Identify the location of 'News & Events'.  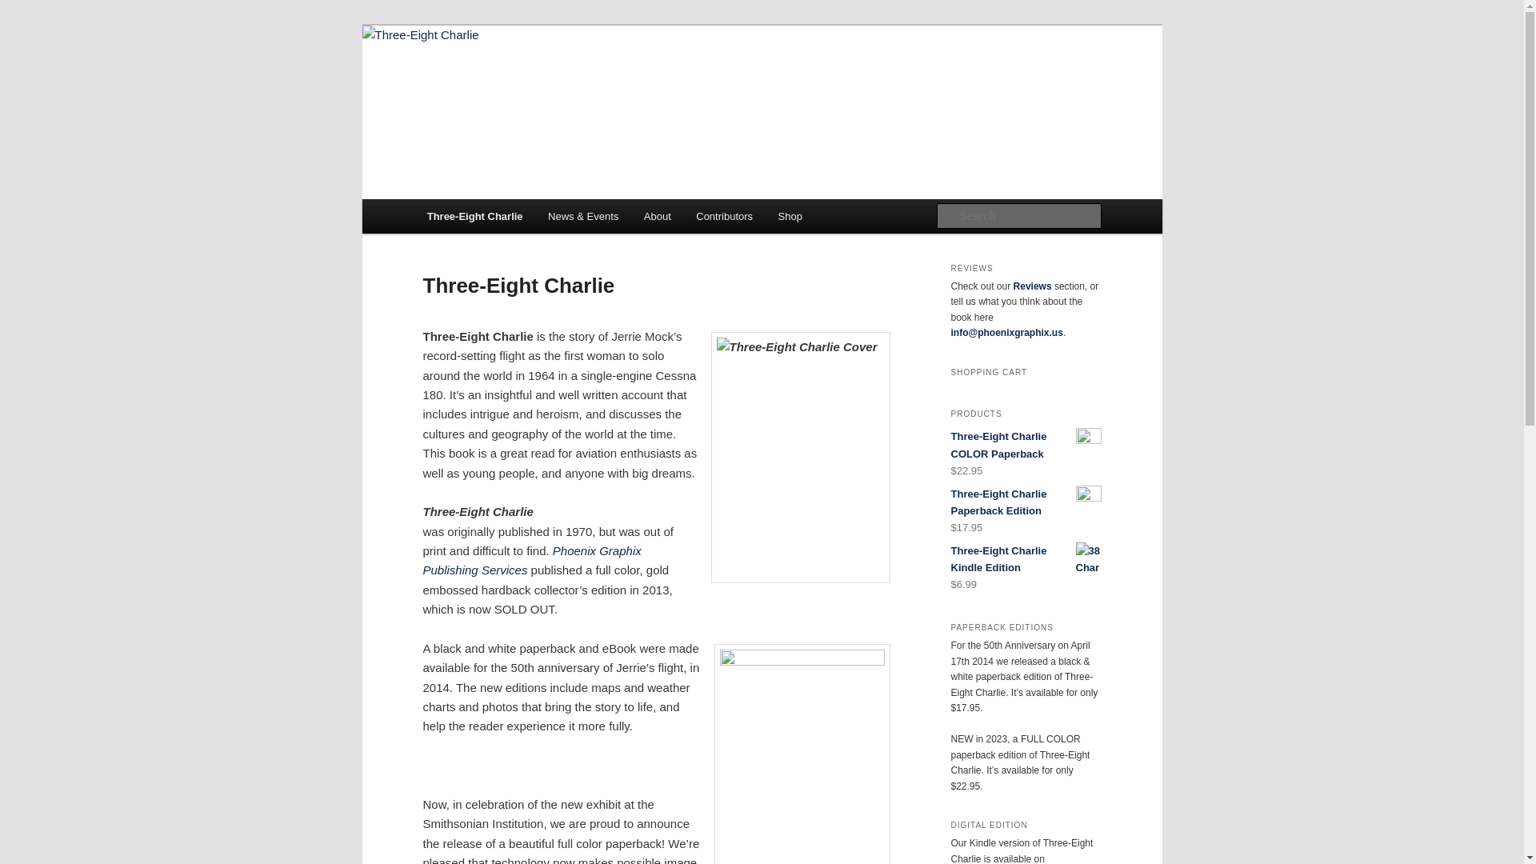
(582, 216).